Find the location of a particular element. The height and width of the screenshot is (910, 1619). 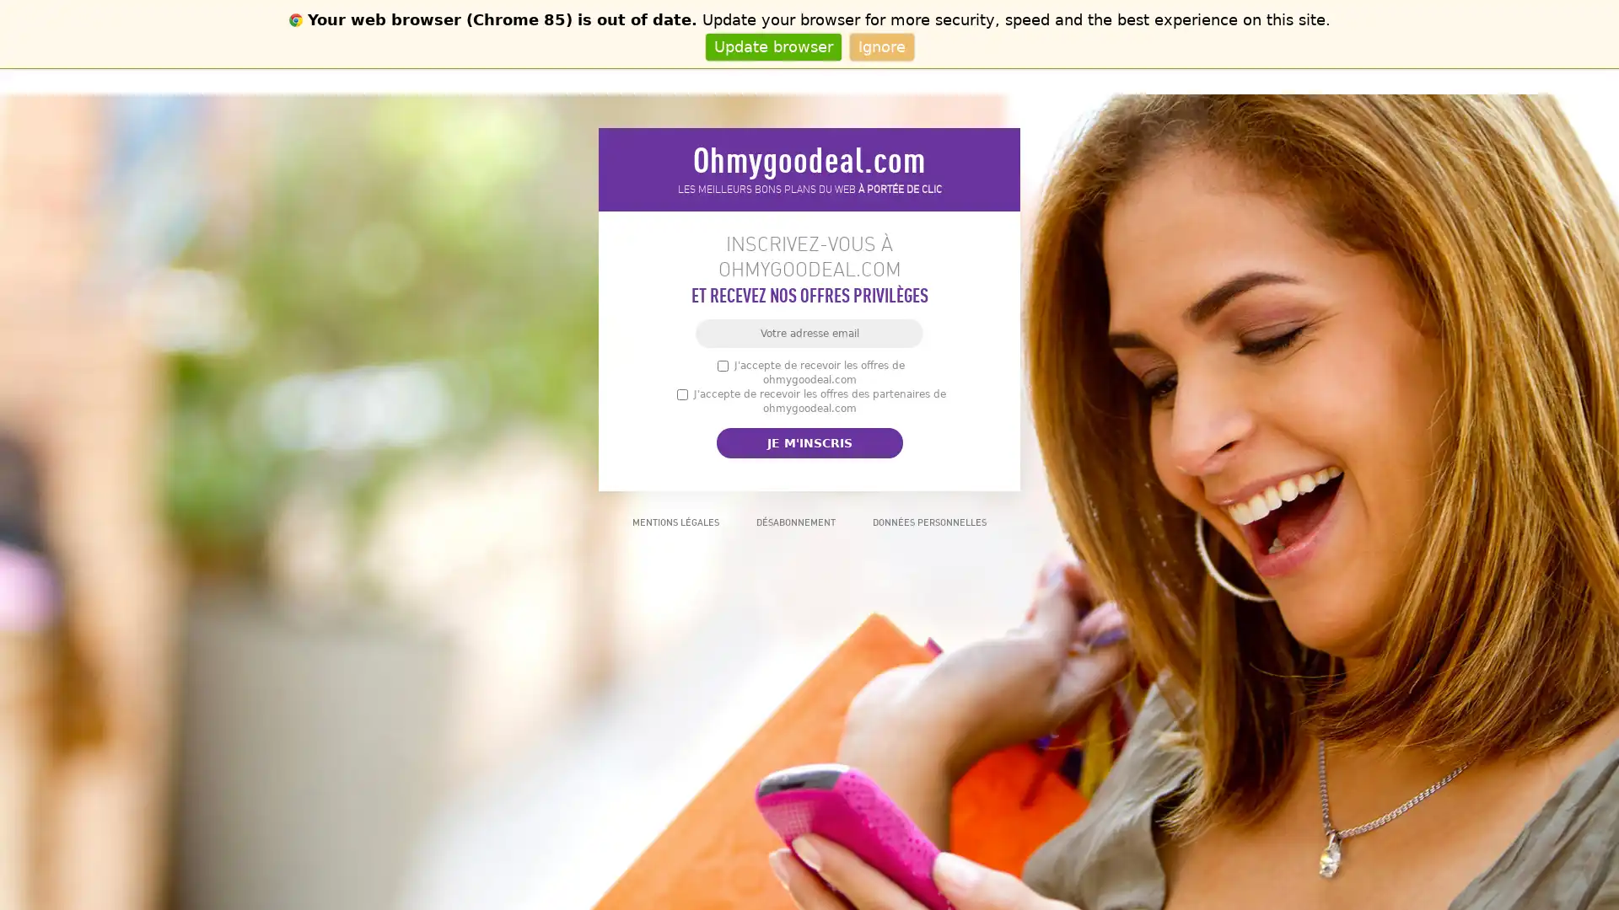

Ignore is located at coordinates (880, 45).